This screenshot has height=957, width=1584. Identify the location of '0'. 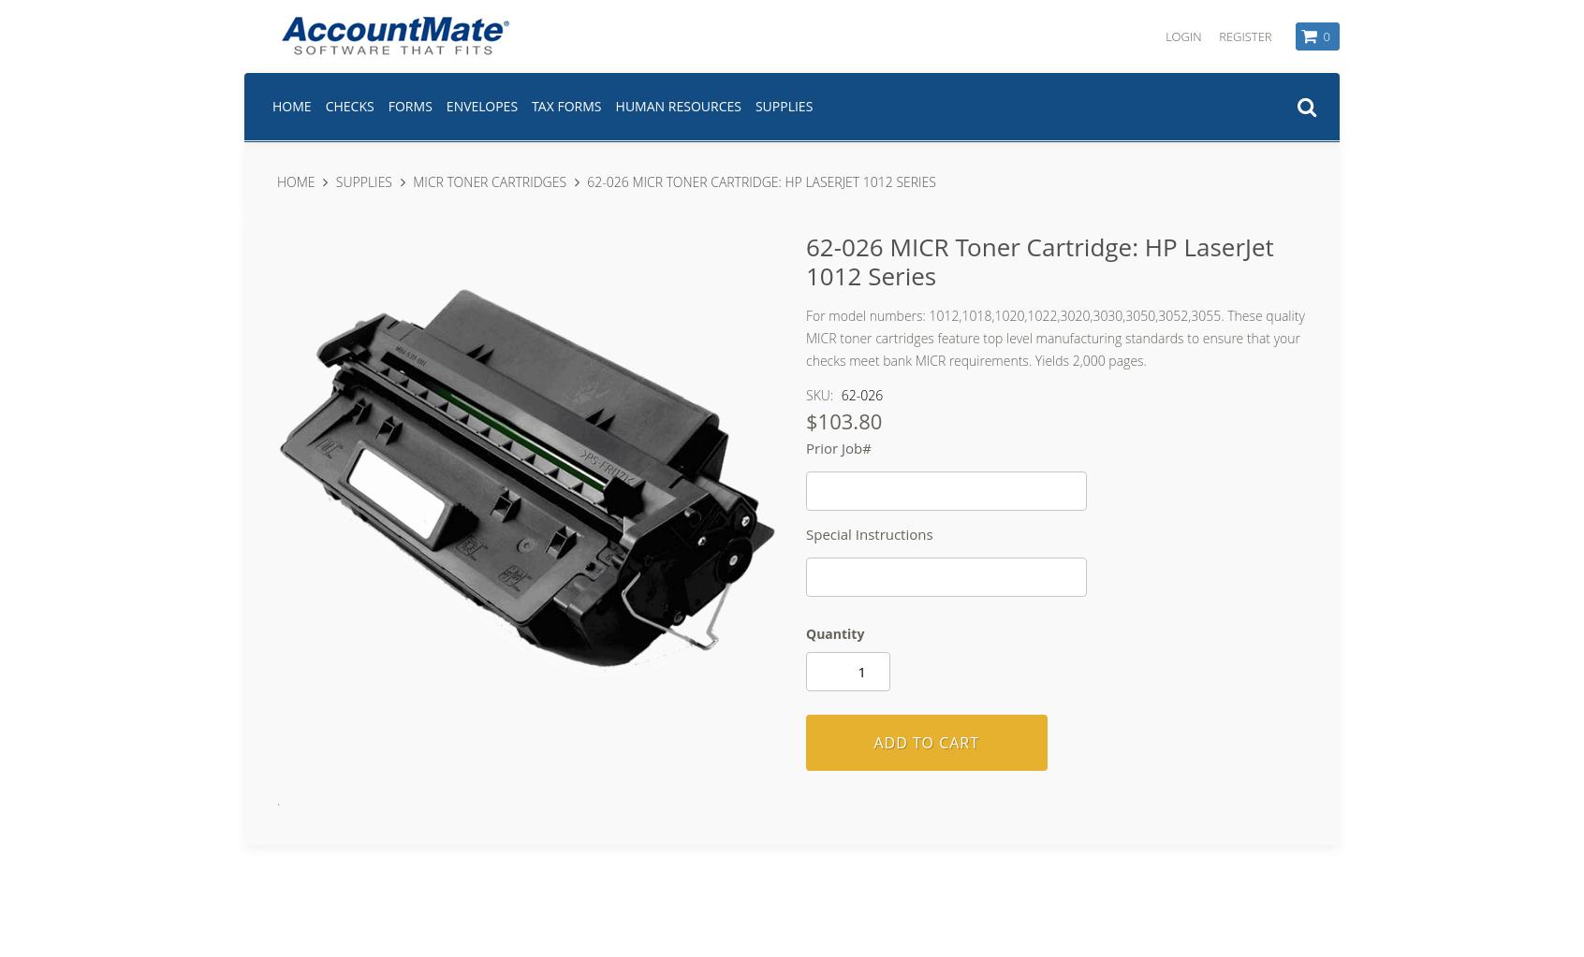
(1326, 36).